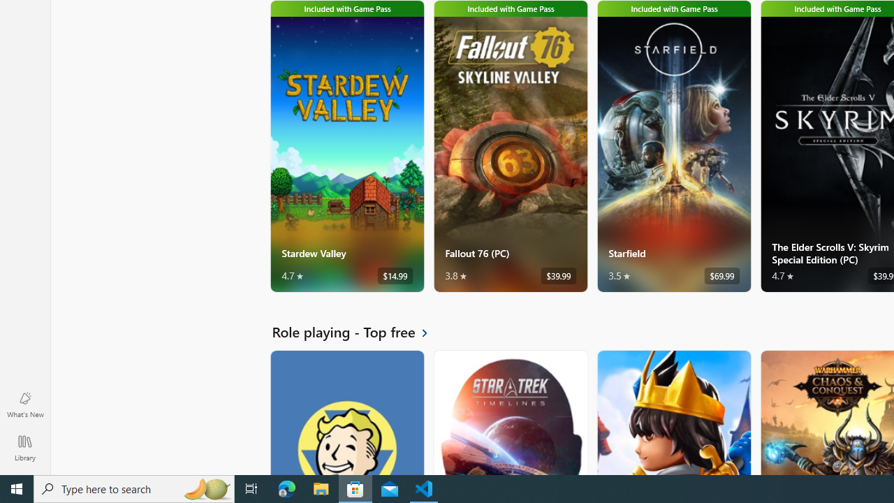 This screenshot has height=503, width=894. Describe the element at coordinates (24, 404) in the screenshot. I see `'What'` at that location.